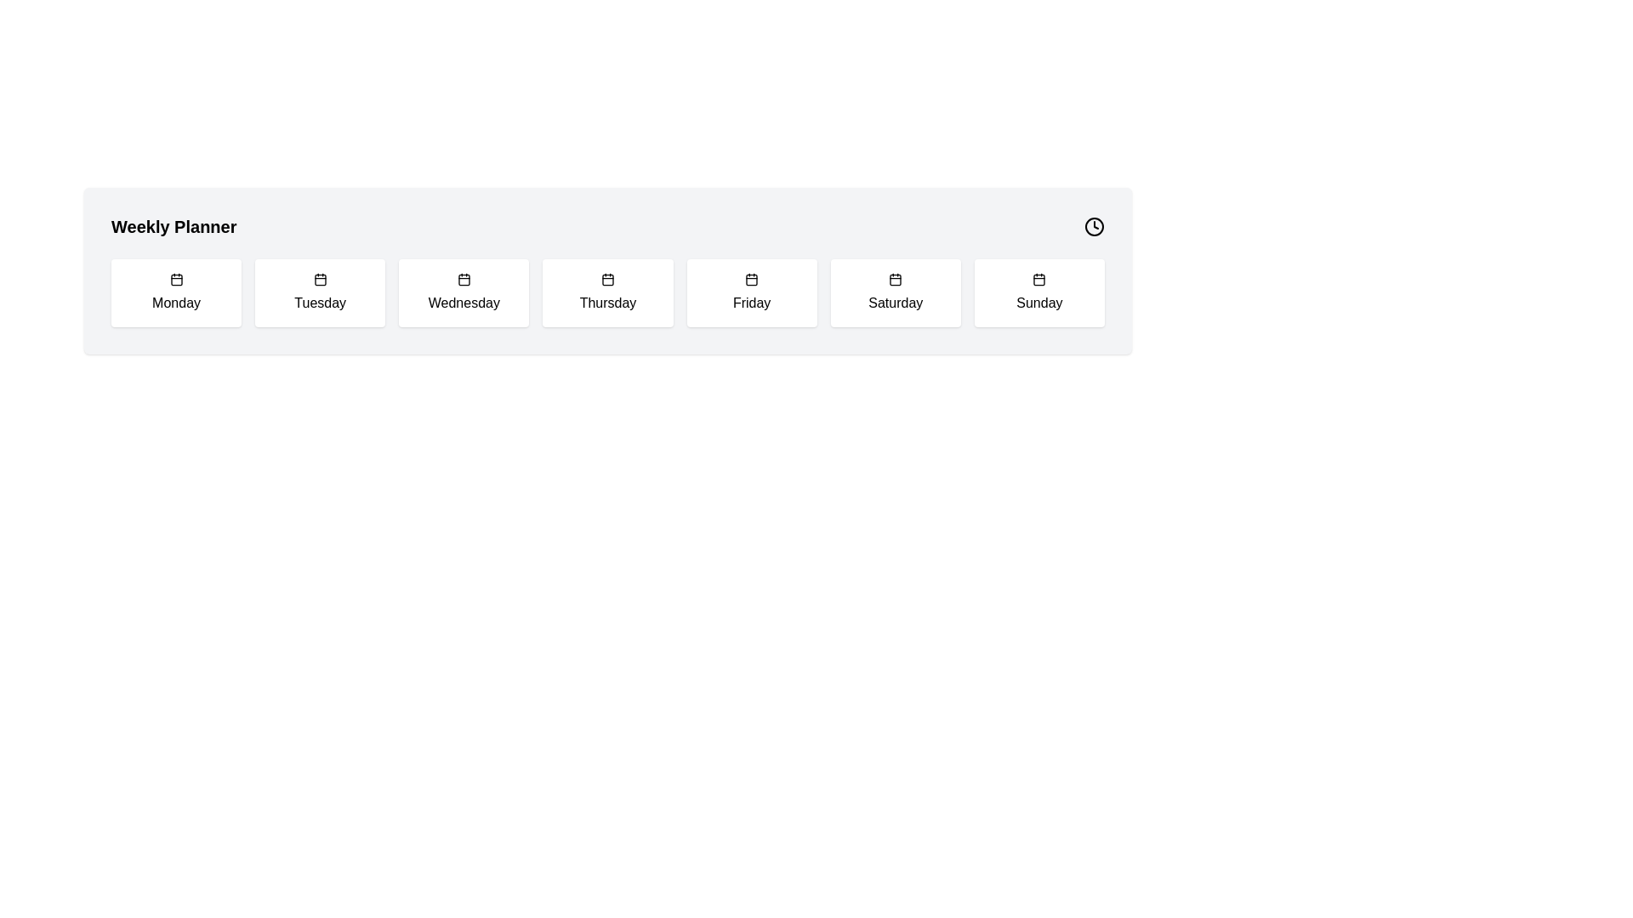 The image size is (1633, 918). What do you see at coordinates (464, 279) in the screenshot?
I see `the highlighted rectangle indicating the selected day within the calendar icon located beneath 'Wednesday'` at bounding box center [464, 279].